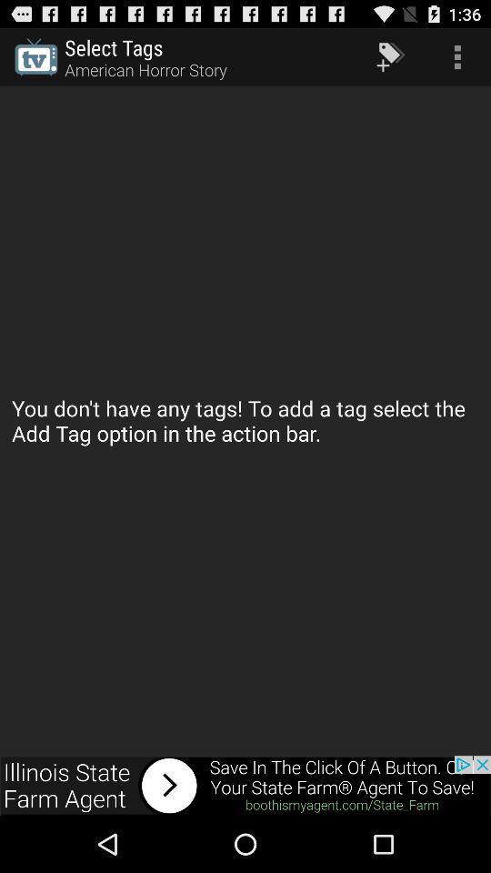 Image resolution: width=491 pixels, height=873 pixels. Describe the element at coordinates (245, 785) in the screenshot. I see `advertisement` at that location.